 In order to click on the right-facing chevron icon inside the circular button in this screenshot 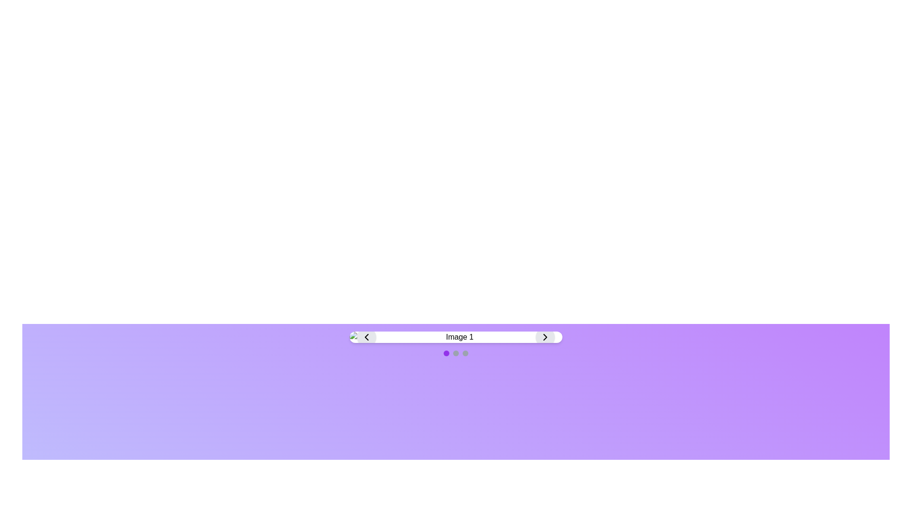, I will do `click(545, 336)`.